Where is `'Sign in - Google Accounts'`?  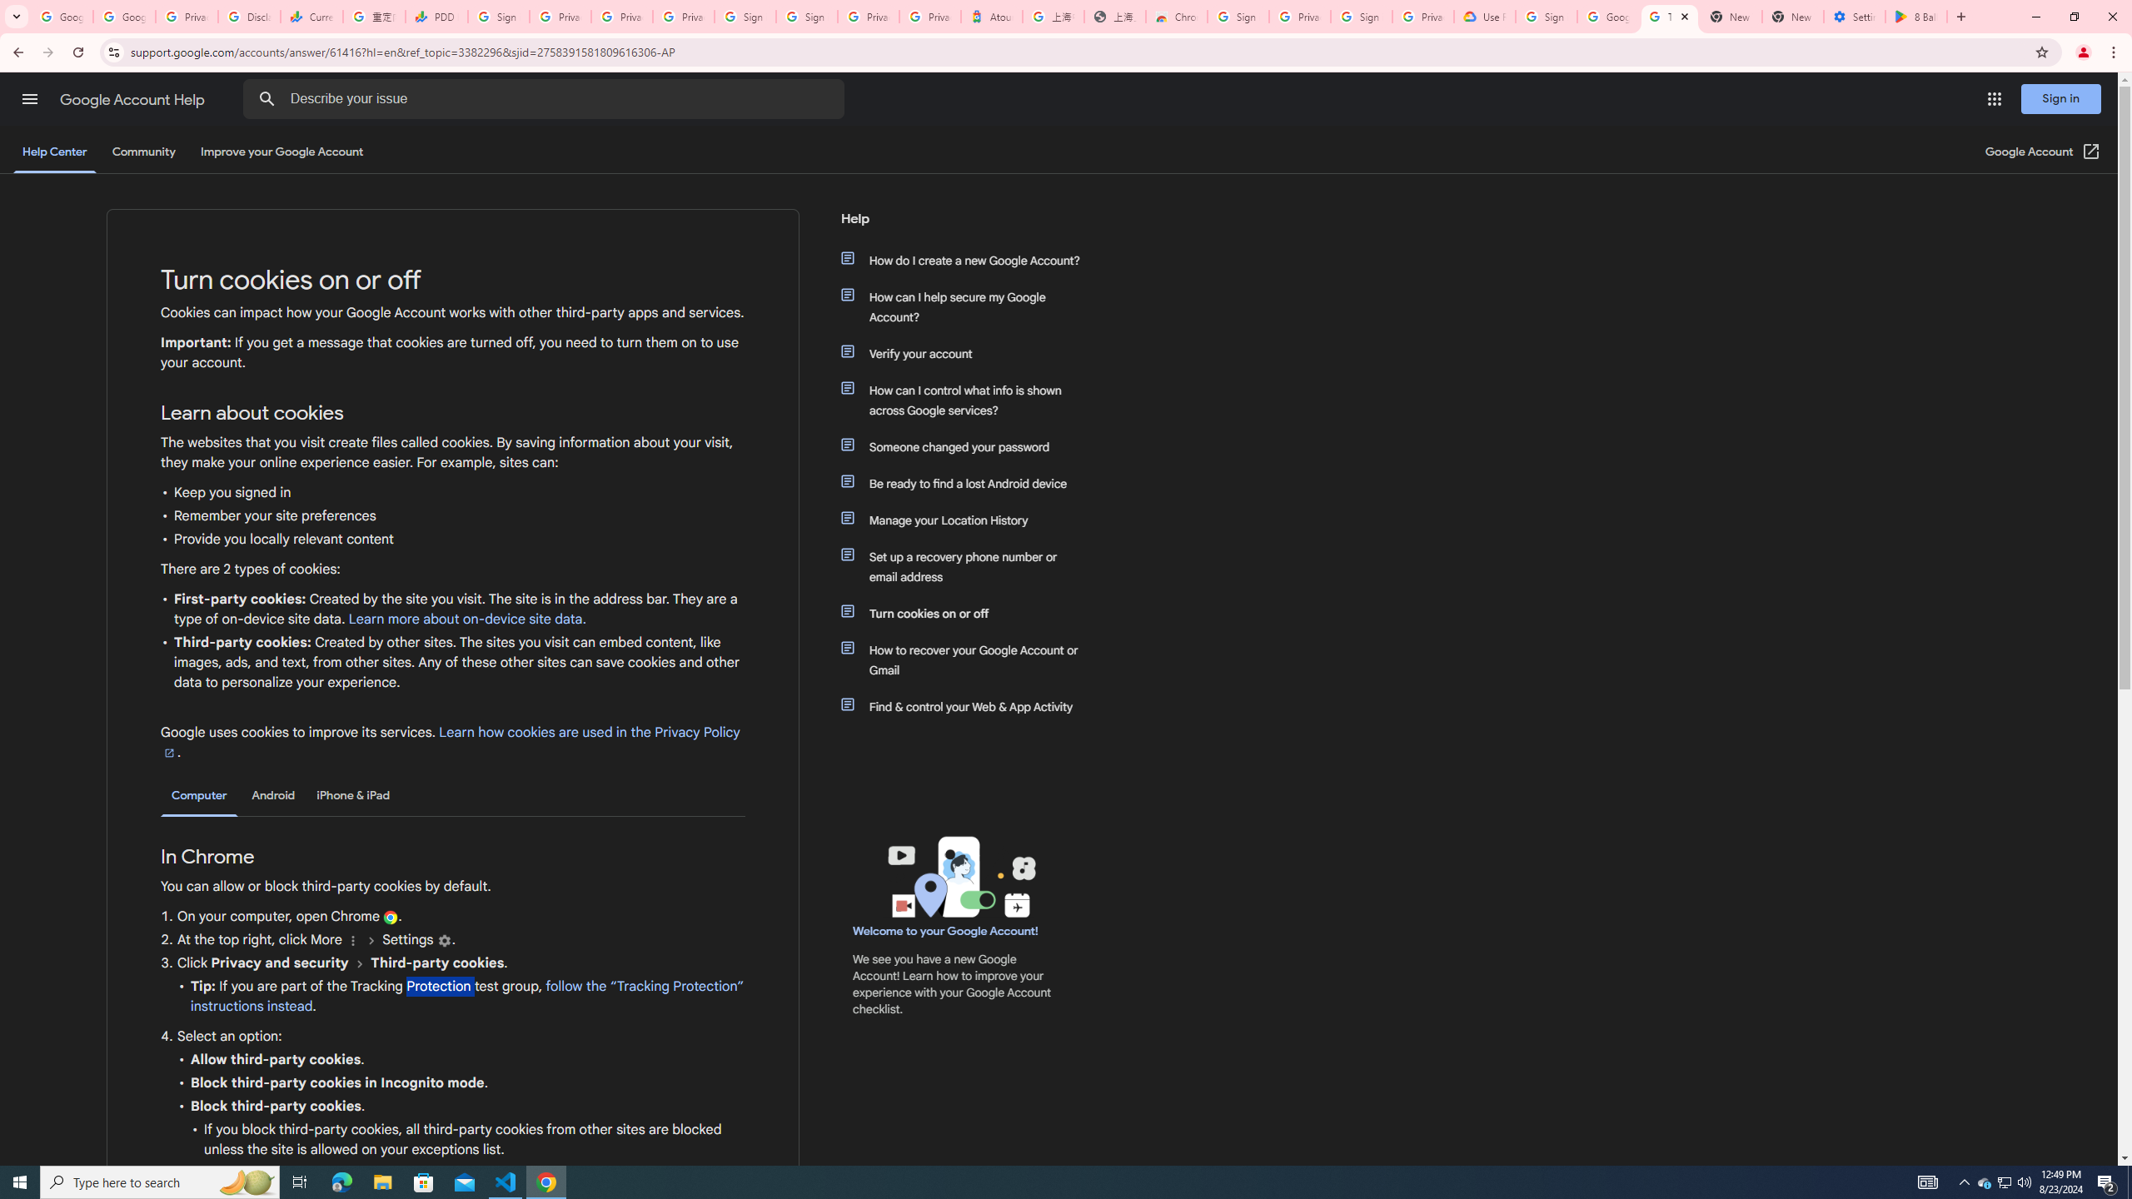
'Sign in - Google Accounts' is located at coordinates (805, 16).